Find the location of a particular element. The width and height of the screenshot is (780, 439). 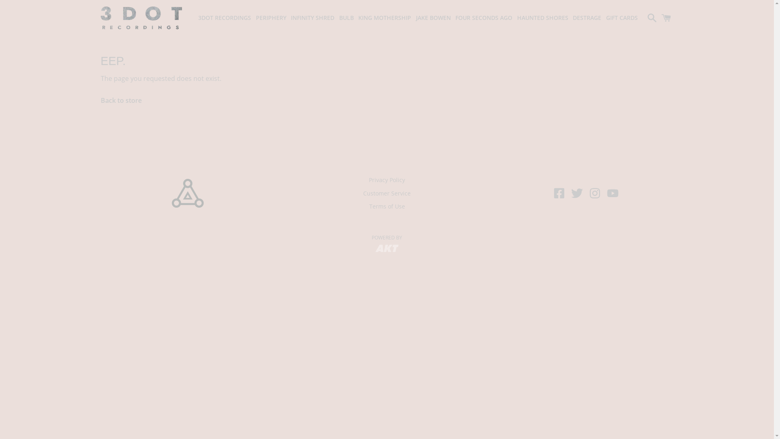

'Privacy Policy' is located at coordinates (361, 179).